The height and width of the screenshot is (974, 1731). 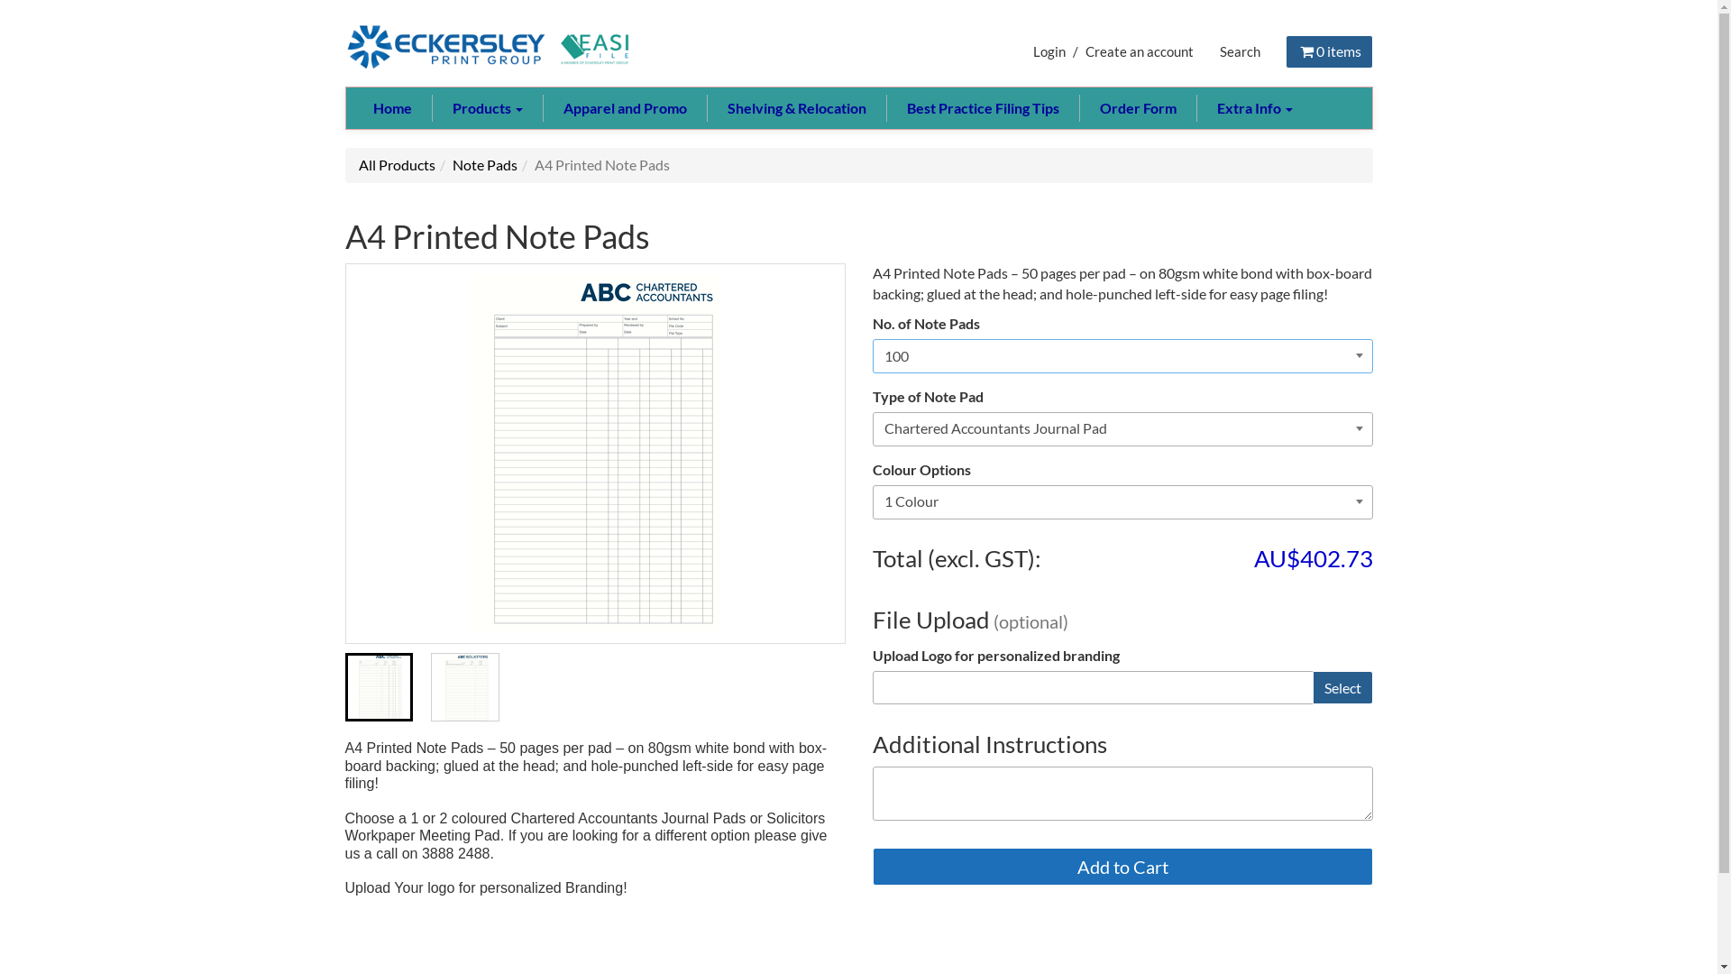 What do you see at coordinates (391, 107) in the screenshot?
I see `'Home'` at bounding box center [391, 107].